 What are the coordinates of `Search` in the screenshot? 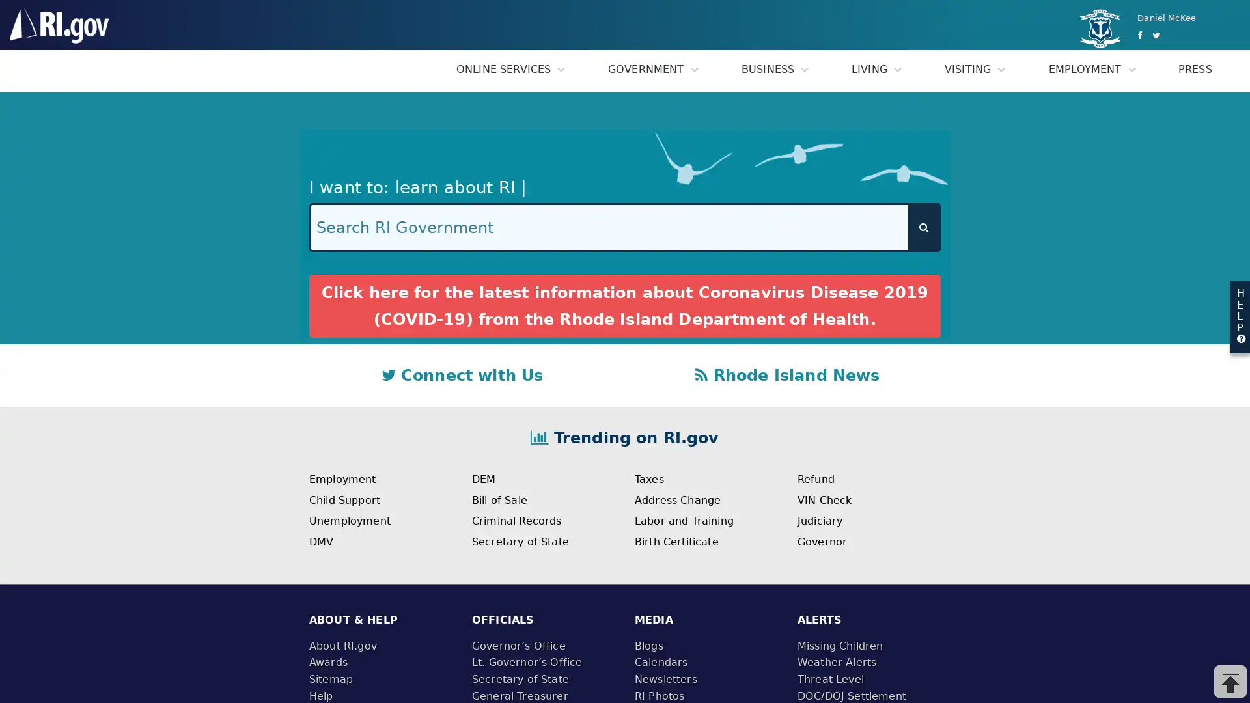 It's located at (923, 227).